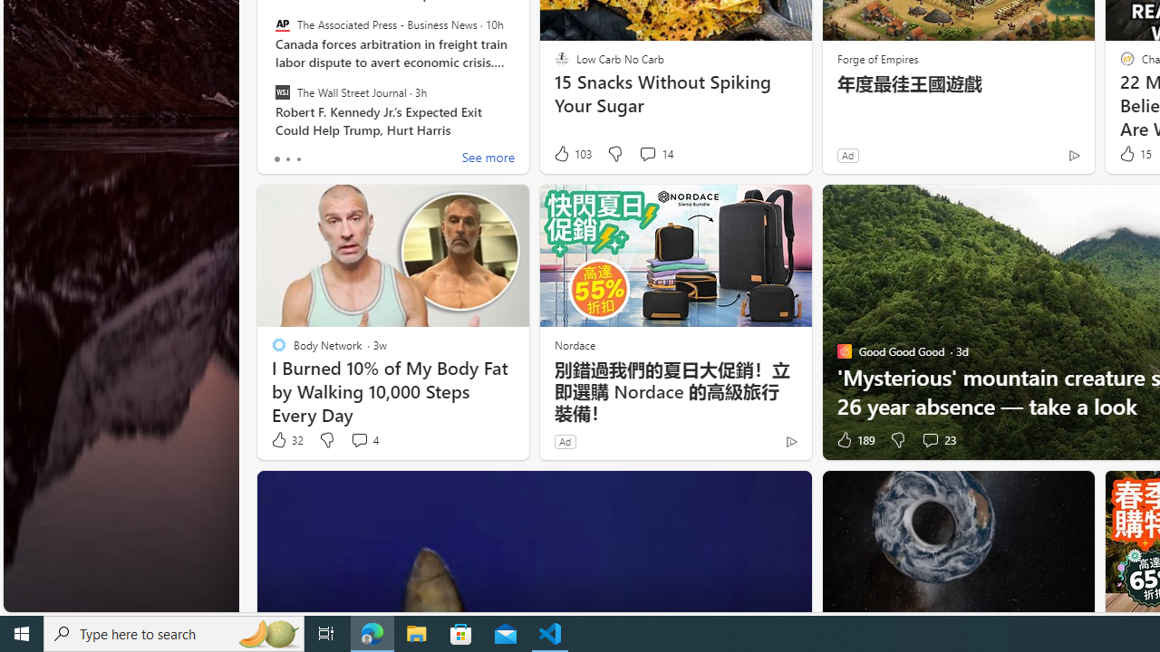 This screenshot has width=1160, height=652. I want to click on 'View comments 14 Comment', so click(647, 152).